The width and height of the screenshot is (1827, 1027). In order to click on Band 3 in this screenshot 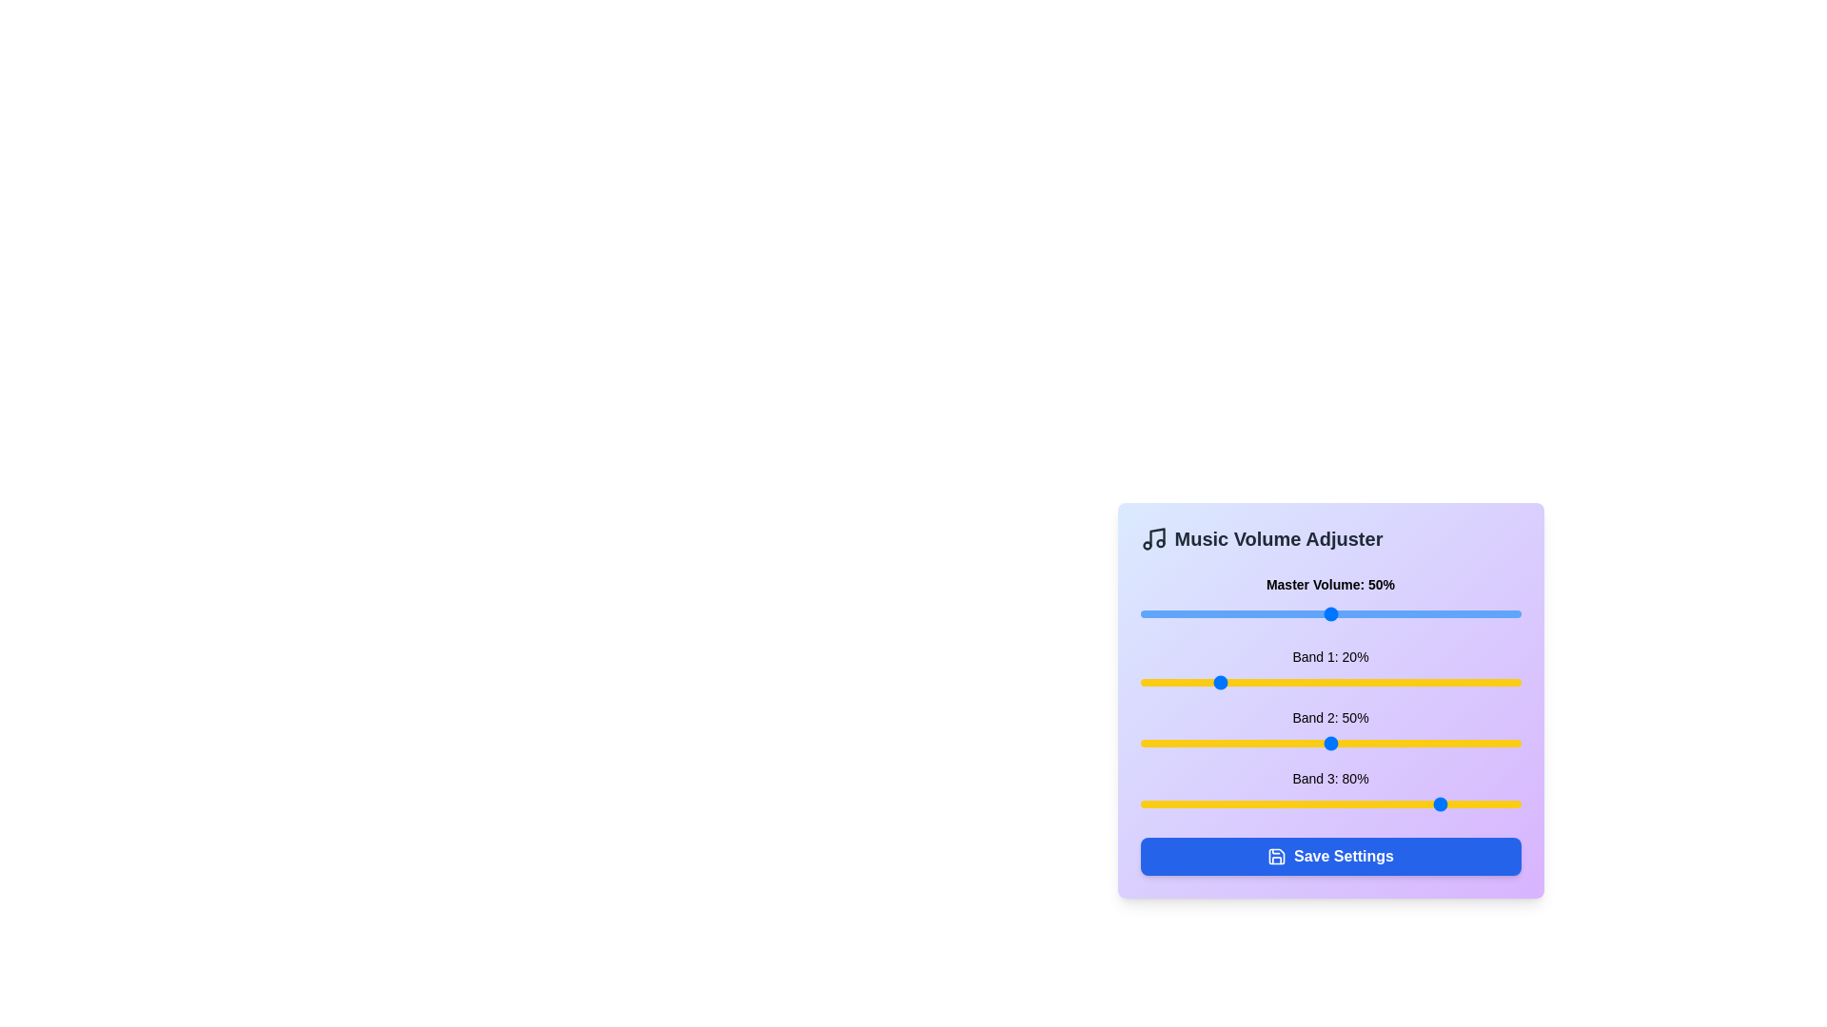, I will do `click(1455, 804)`.